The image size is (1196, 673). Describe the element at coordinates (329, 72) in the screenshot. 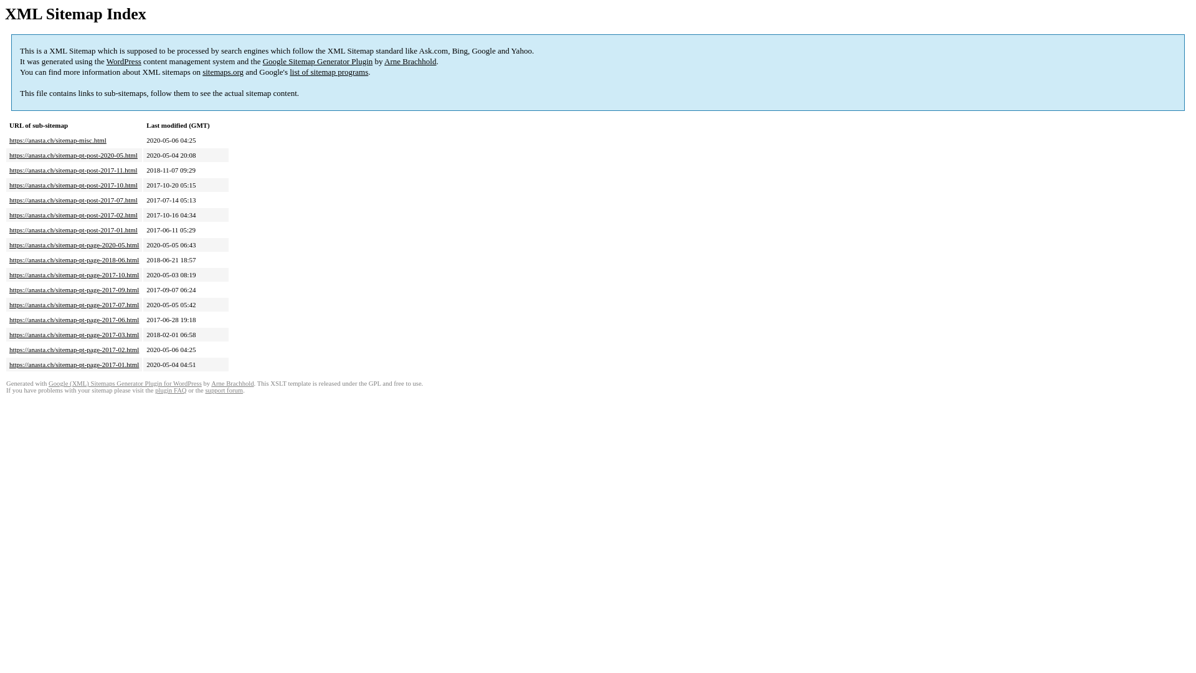

I see `'list of sitemap programs'` at that location.